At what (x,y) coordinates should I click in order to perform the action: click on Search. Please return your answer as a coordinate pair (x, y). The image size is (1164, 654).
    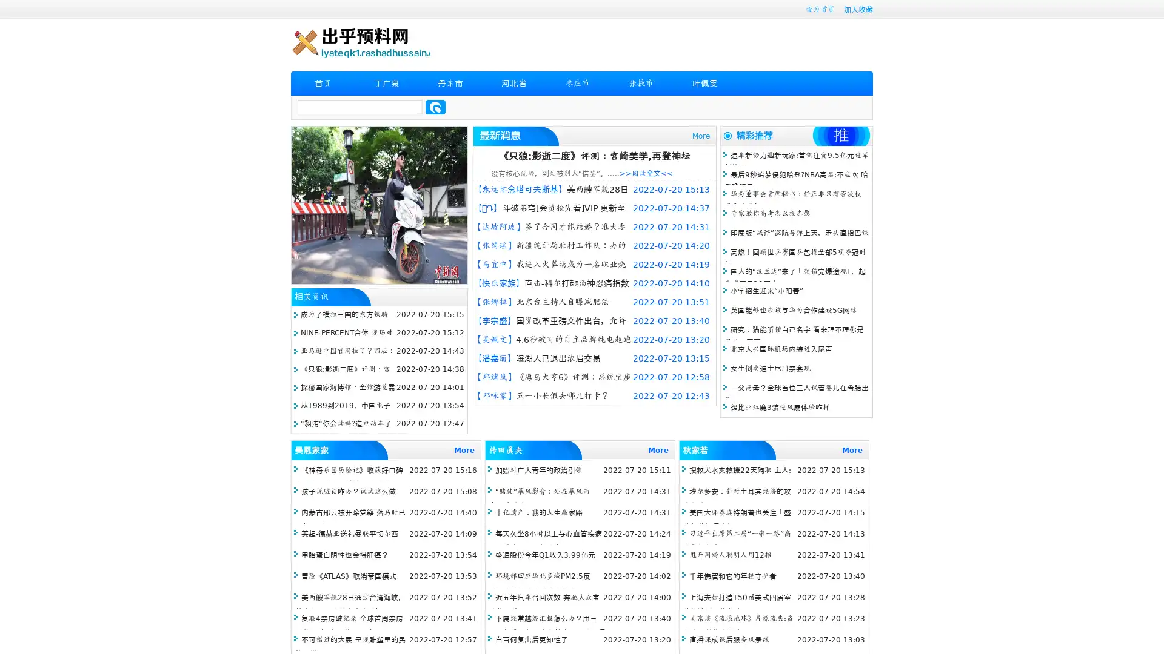
    Looking at the image, I should click on (435, 107).